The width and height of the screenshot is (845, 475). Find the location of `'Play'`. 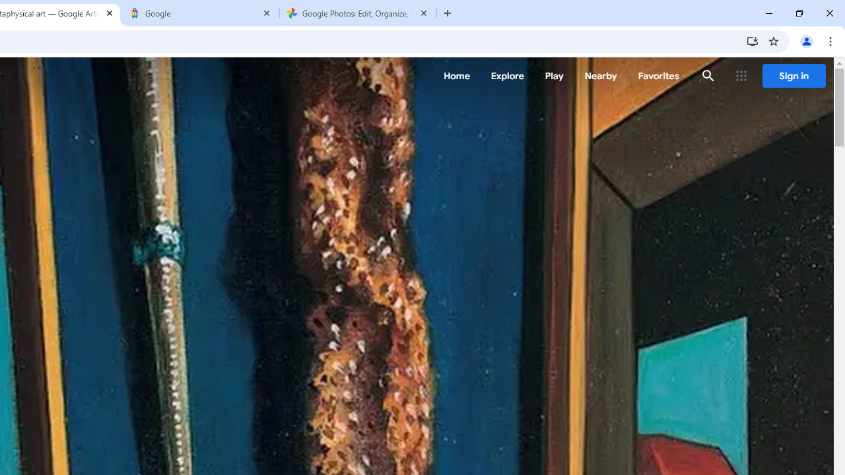

'Play' is located at coordinates (555, 76).